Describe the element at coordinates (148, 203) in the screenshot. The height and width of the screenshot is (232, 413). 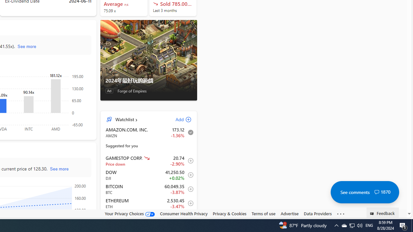
I see `'ETH Ethereum decrease 2,530.45 -87.83 -3.47% item3'` at that location.